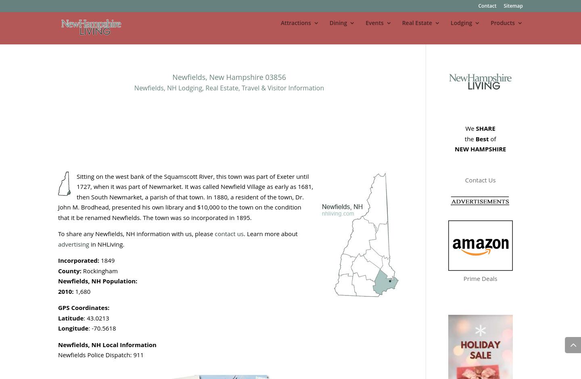 The image size is (581, 379). What do you see at coordinates (308, 111) in the screenshot?
I see `'Beaches'` at bounding box center [308, 111].